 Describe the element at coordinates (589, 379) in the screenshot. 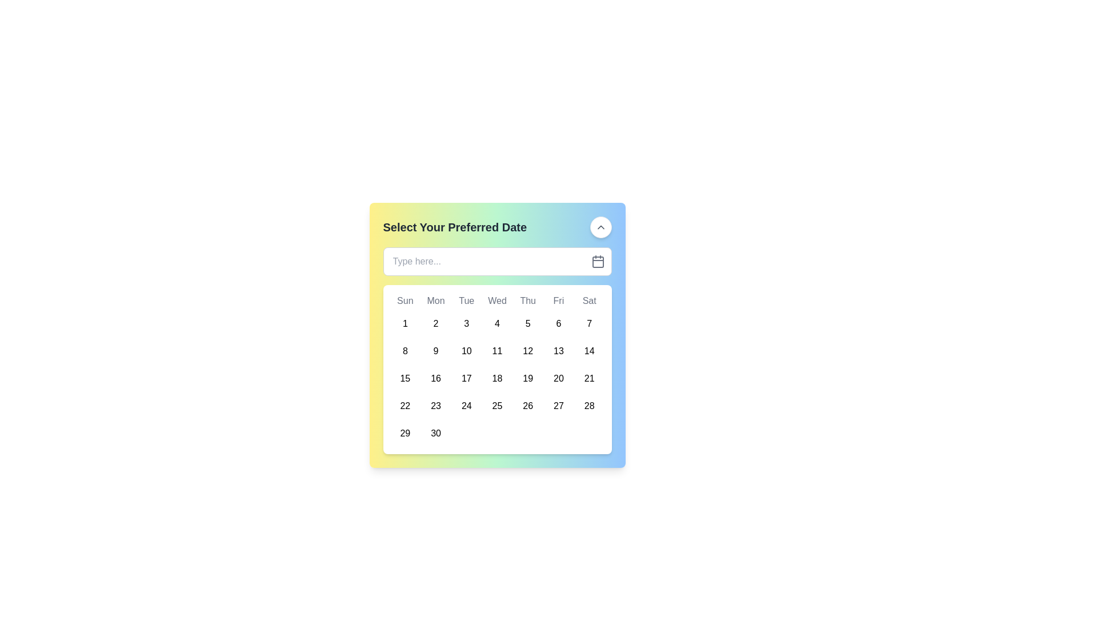

I see `the circular button displaying '21' located` at that location.